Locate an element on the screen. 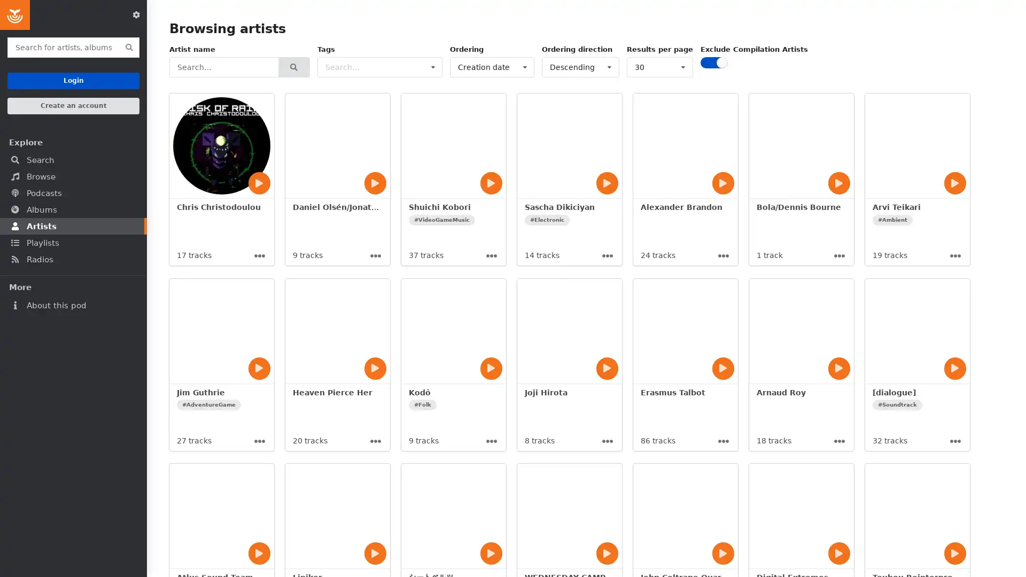 This screenshot has width=1026, height=577. Play artist is located at coordinates (723, 183).